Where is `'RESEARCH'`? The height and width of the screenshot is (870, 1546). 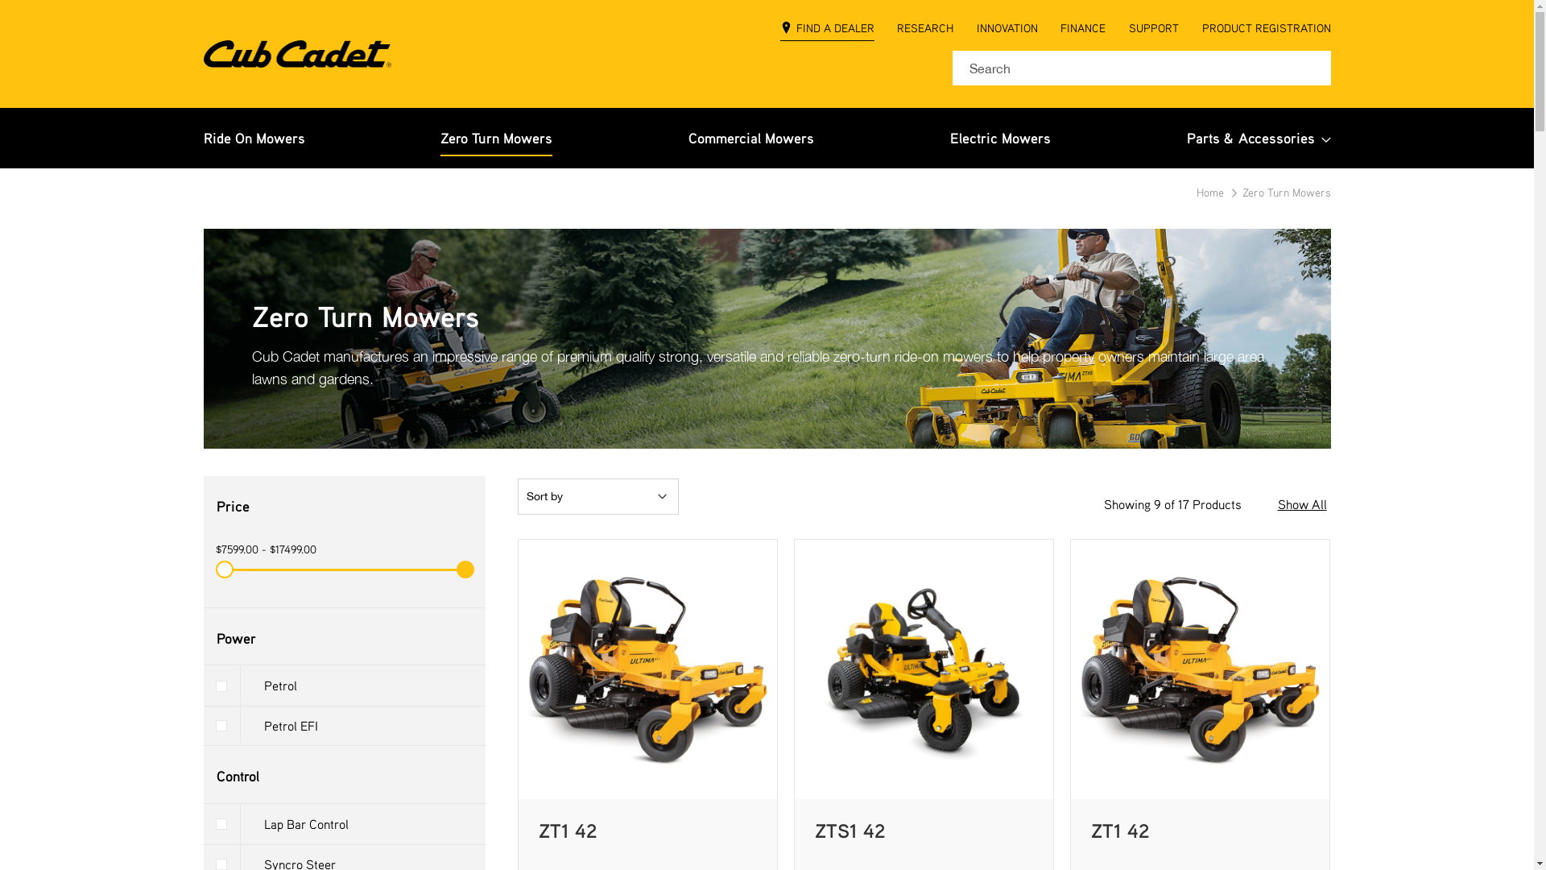 'RESEARCH' is located at coordinates (895, 30).